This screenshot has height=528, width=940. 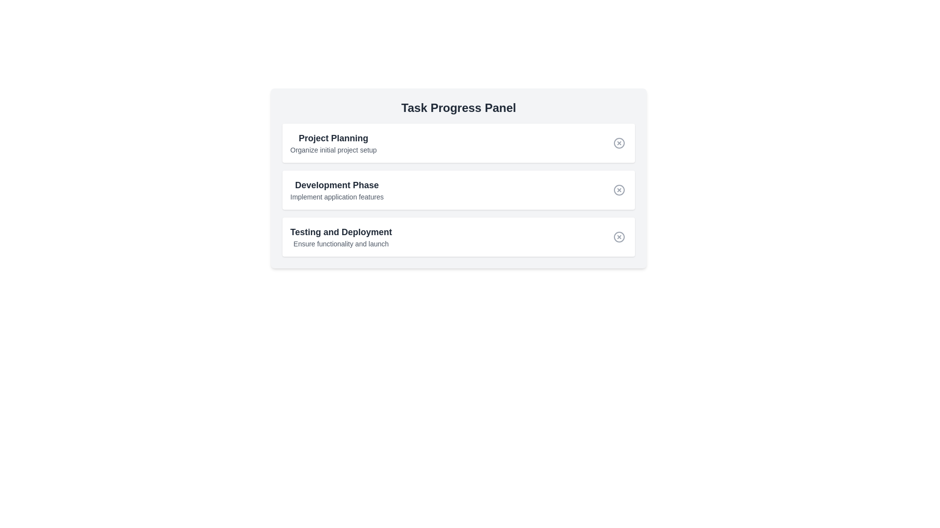 I want to click on the small text component that reads 'Implement application features', which is located beneath the bold 'Development Phase' heading, indicating it is a secondary or descriptive text, so click(x=337, y=197).